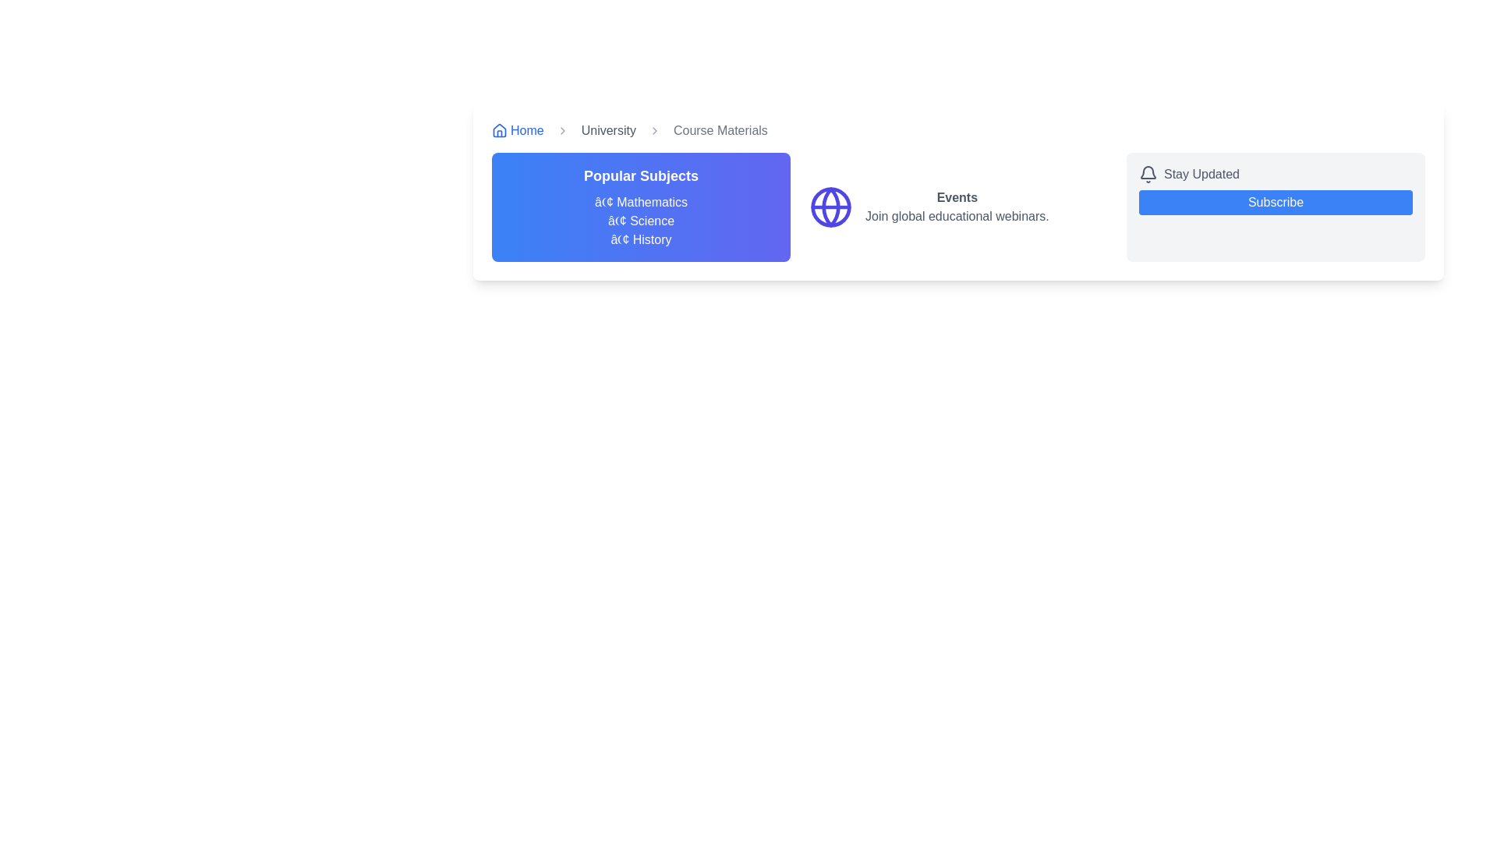 The image size is (1497, 842). Describe the element at coordinates (957, 207) in the screenshot. I see `the 'Events' informational section, which includes a globe icon and text stating 'Join global educational webinars.'` at that location.